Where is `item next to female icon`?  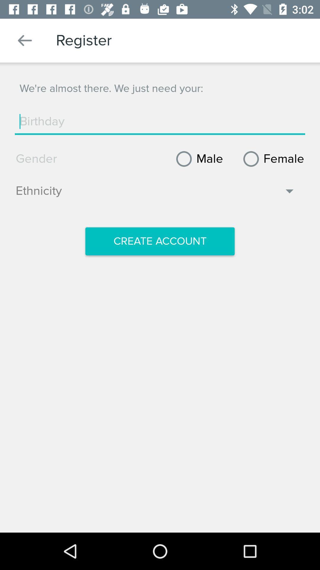
item next to female icon is located at coordinates (197, 159).